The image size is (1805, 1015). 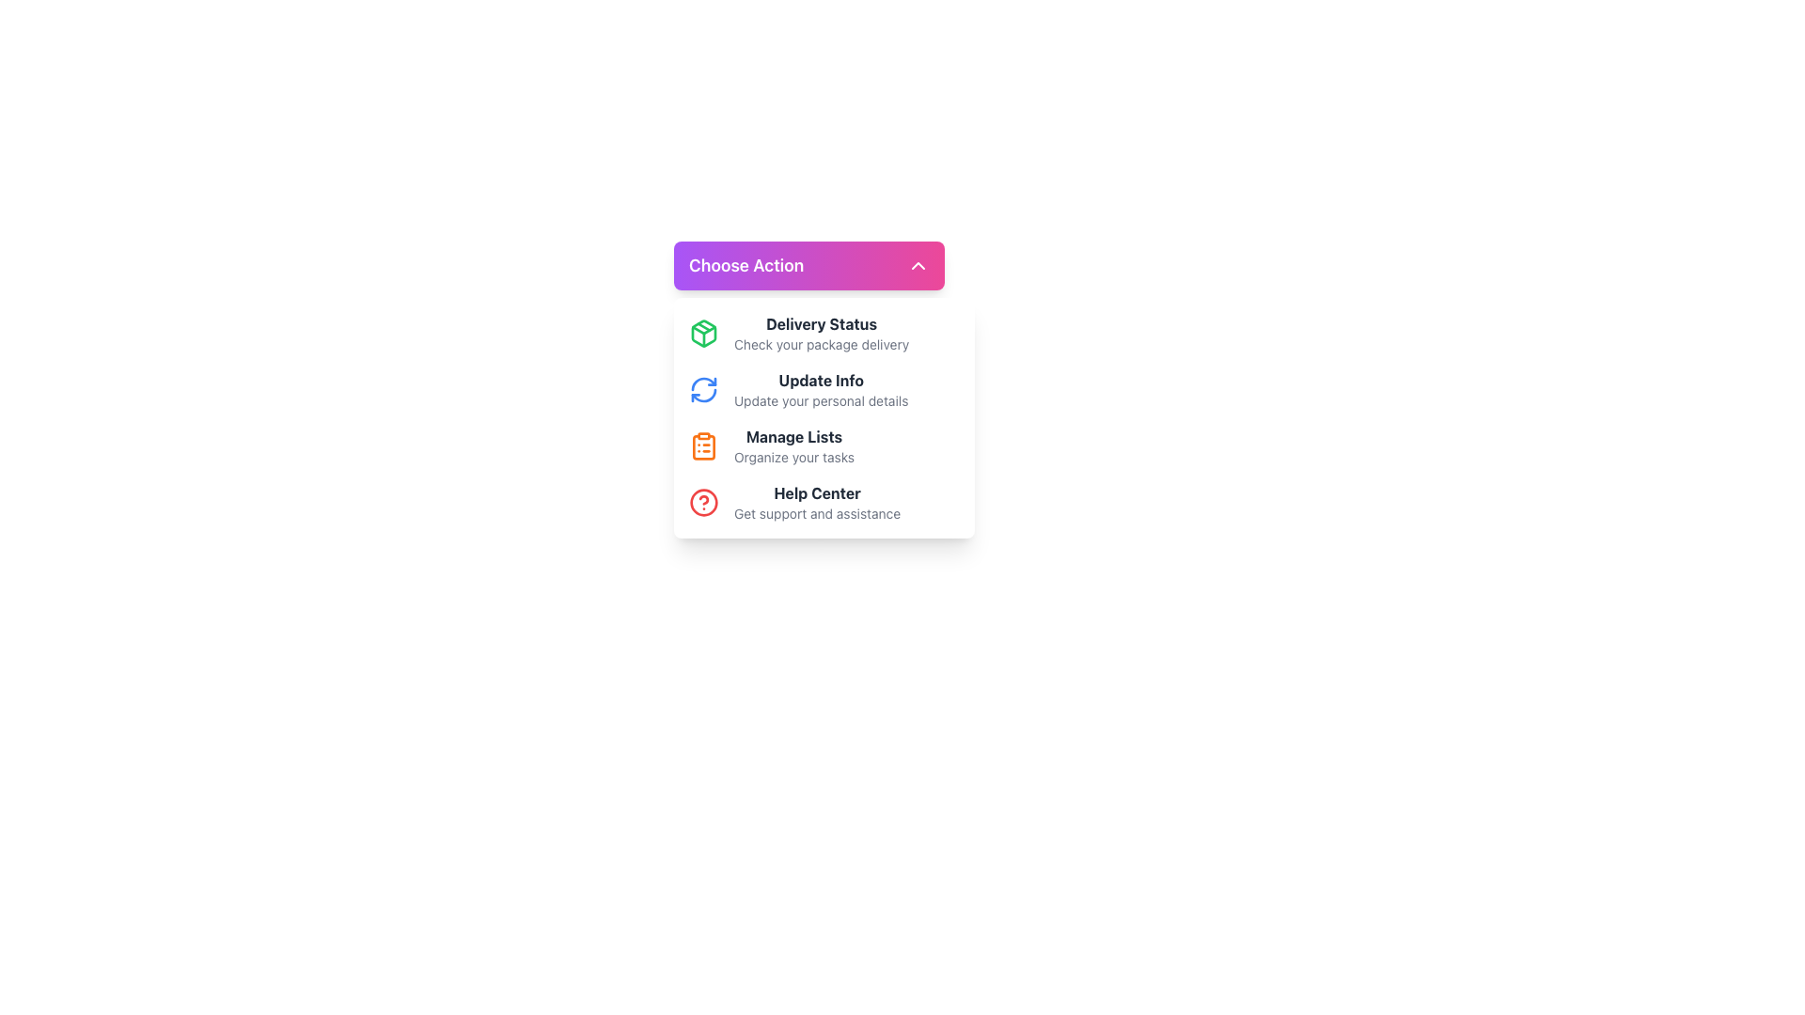 What do you see at coordinates (702, 332) in the screenshot?
I see `the 'Delivery Status' icon located to the left of the text 'Delivery Status Check your package delivery' in the dropdown menu under the 'Choose Action' section` at bounding box center [702, 332].